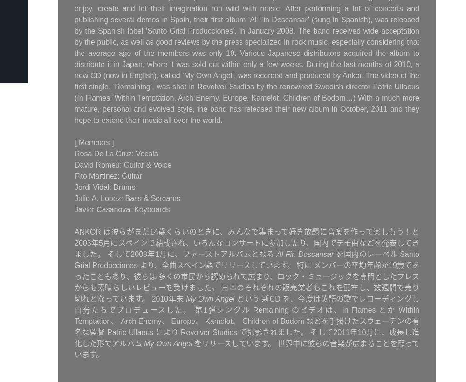  Describe the element at coordinates (305, 254) in the screenshot. I see `'Al Fin Descansar'` at that location.